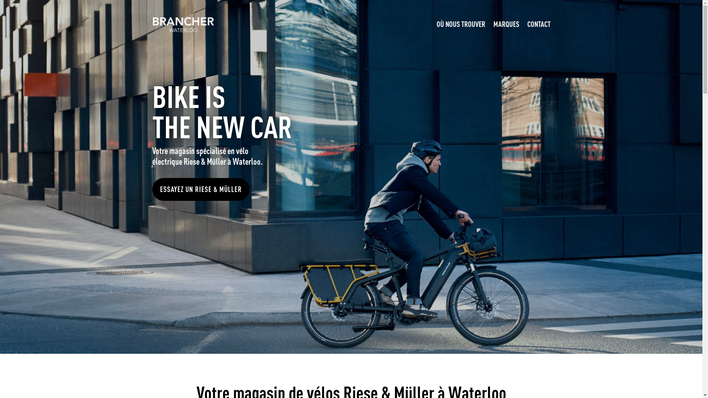  What do you see at coordinates (506, 24) in the screenshot?
I see `'MARQUES'` at bounding box center [506, 24].